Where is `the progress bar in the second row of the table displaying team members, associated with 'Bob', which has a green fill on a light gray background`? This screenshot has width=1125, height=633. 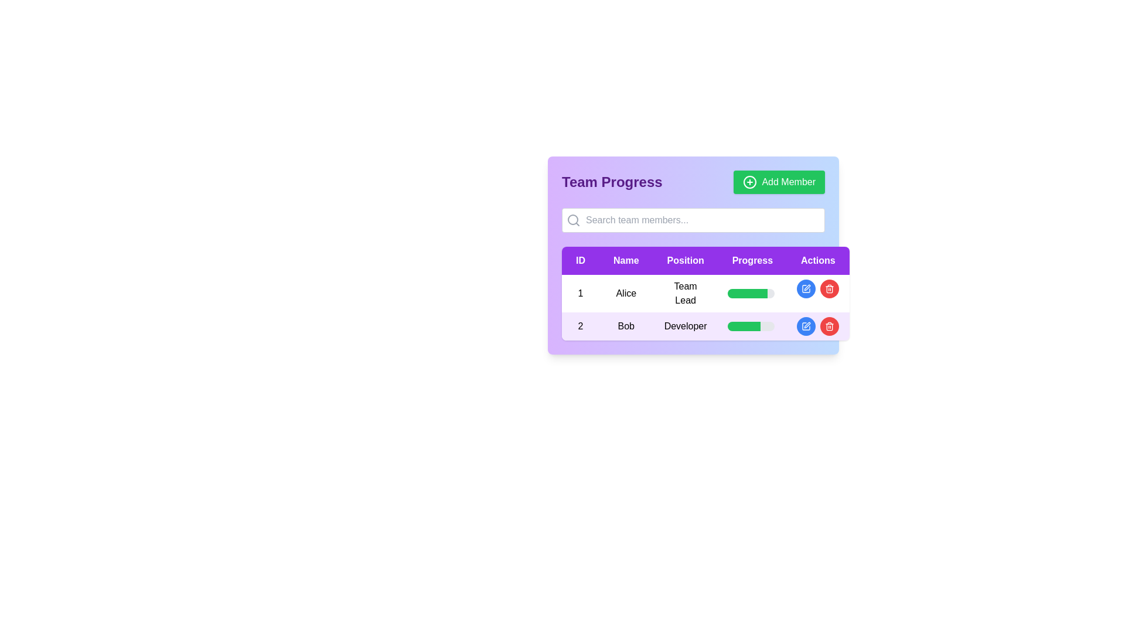
the progress bar in the second row of the table displaying team members, associated with 'Bob', which has a green fill on a light gray background is located at coordinates (751, 326).